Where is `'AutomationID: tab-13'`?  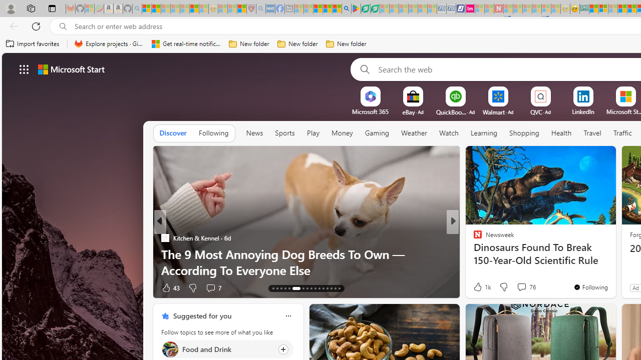
'AutomationID: tab-13' is located at coordinates (273, 288).